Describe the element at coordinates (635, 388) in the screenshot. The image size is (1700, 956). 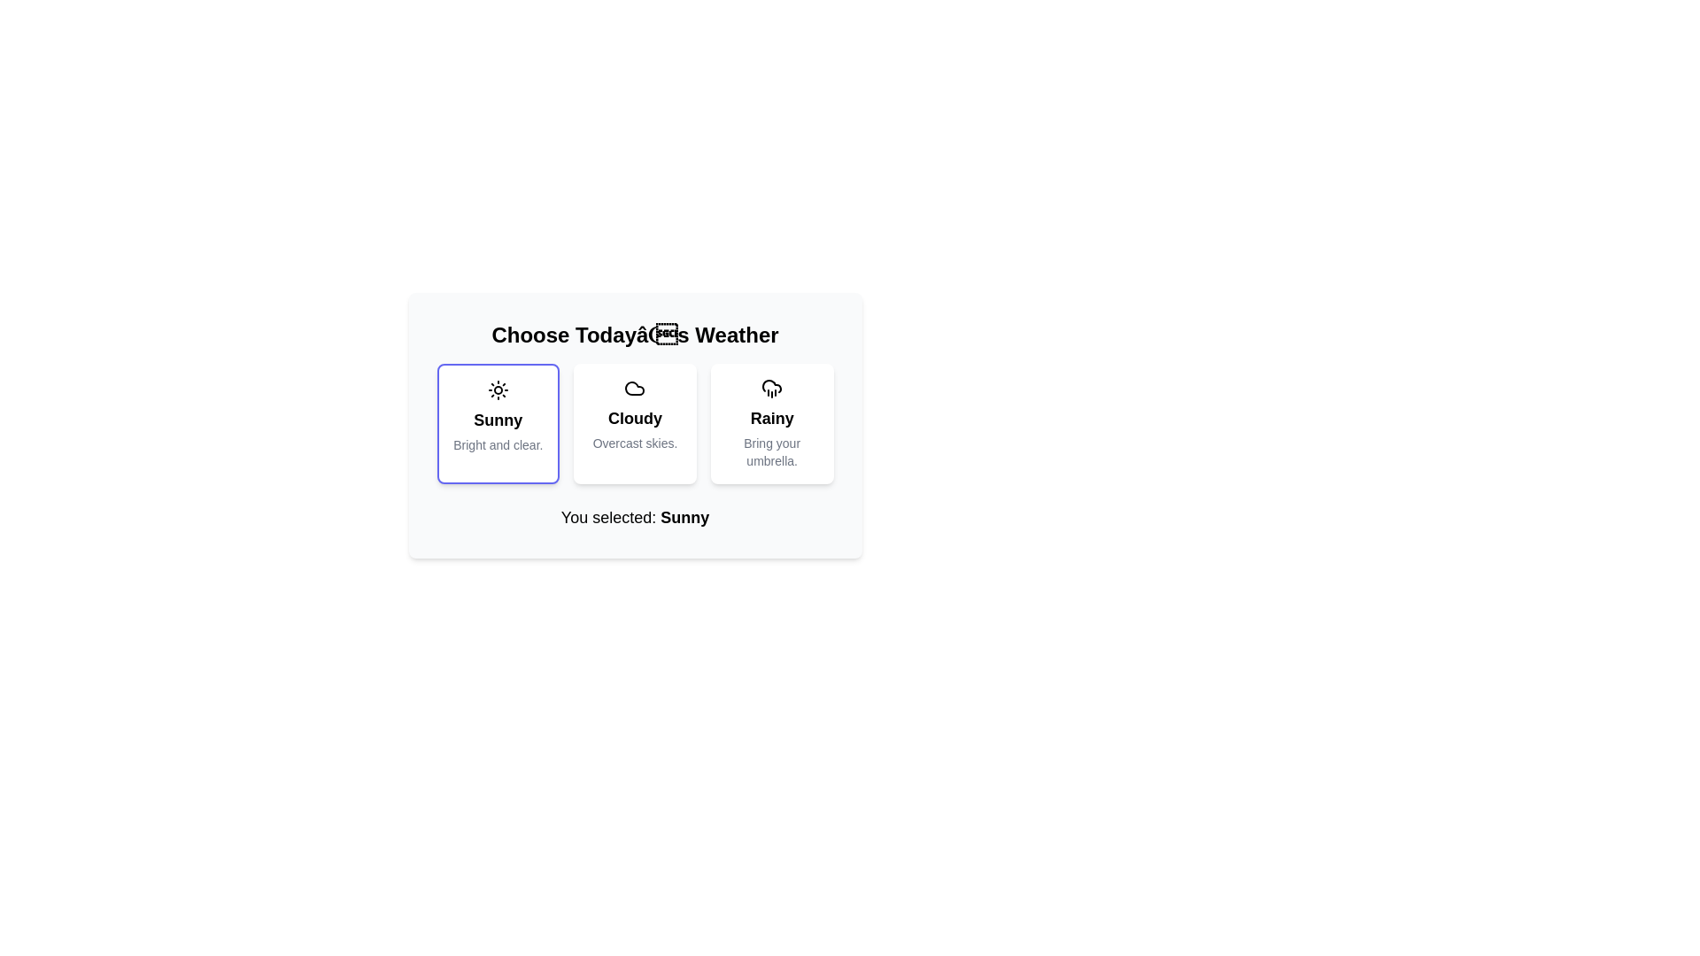
I see `the decorative icon representing 'Cloudy' weather condition located at the top of the 'Cloudy' card in the weather selection menu` at that location.